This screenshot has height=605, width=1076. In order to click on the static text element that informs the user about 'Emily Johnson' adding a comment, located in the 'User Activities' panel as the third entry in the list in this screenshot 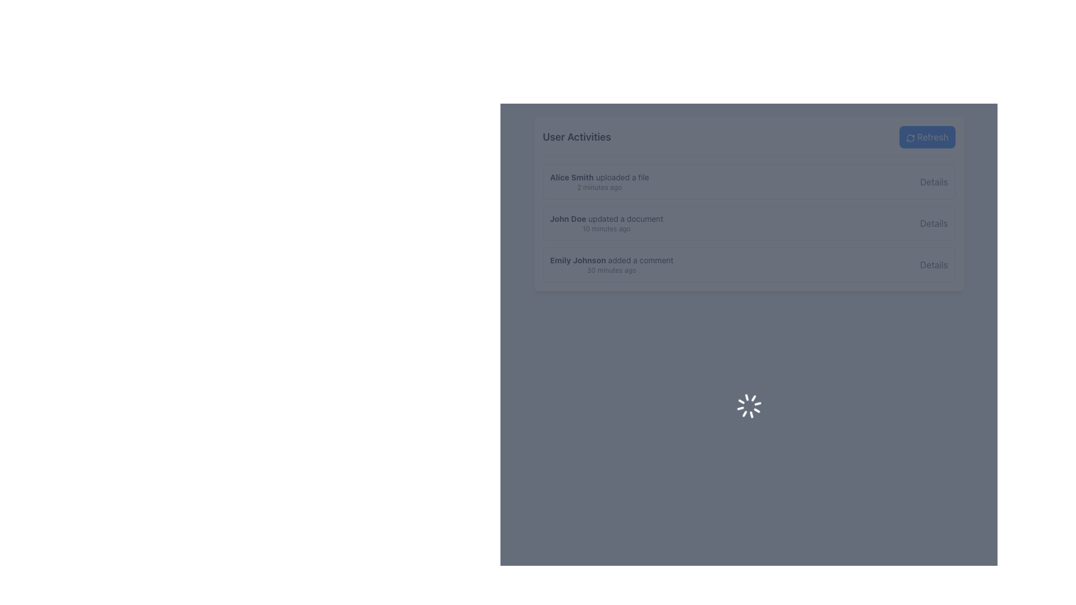, I will do `click(611, 265)`.